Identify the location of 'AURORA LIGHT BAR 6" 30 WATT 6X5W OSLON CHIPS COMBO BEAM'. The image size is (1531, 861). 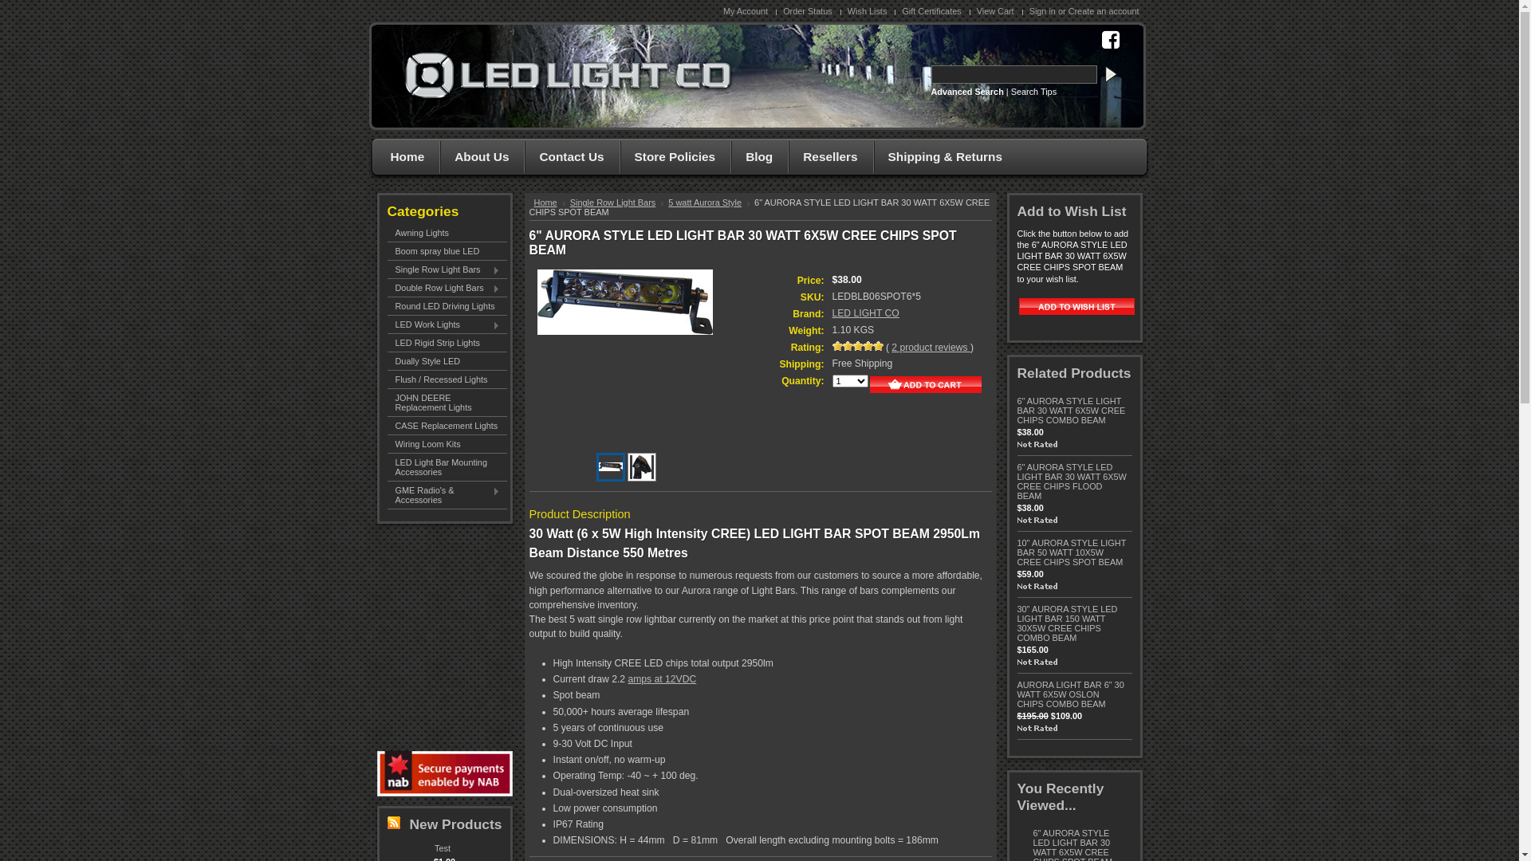
(1071, 694).